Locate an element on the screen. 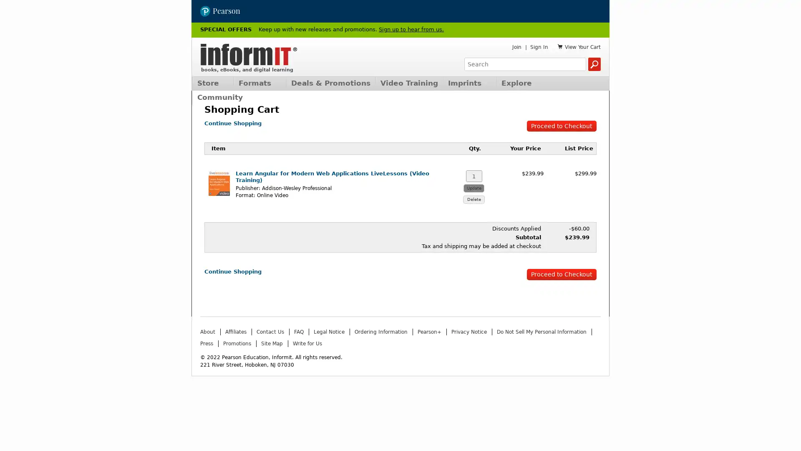 Image resolution: width=801 pixels, height=451 pixels. Update is located at coordinates (474, 186).